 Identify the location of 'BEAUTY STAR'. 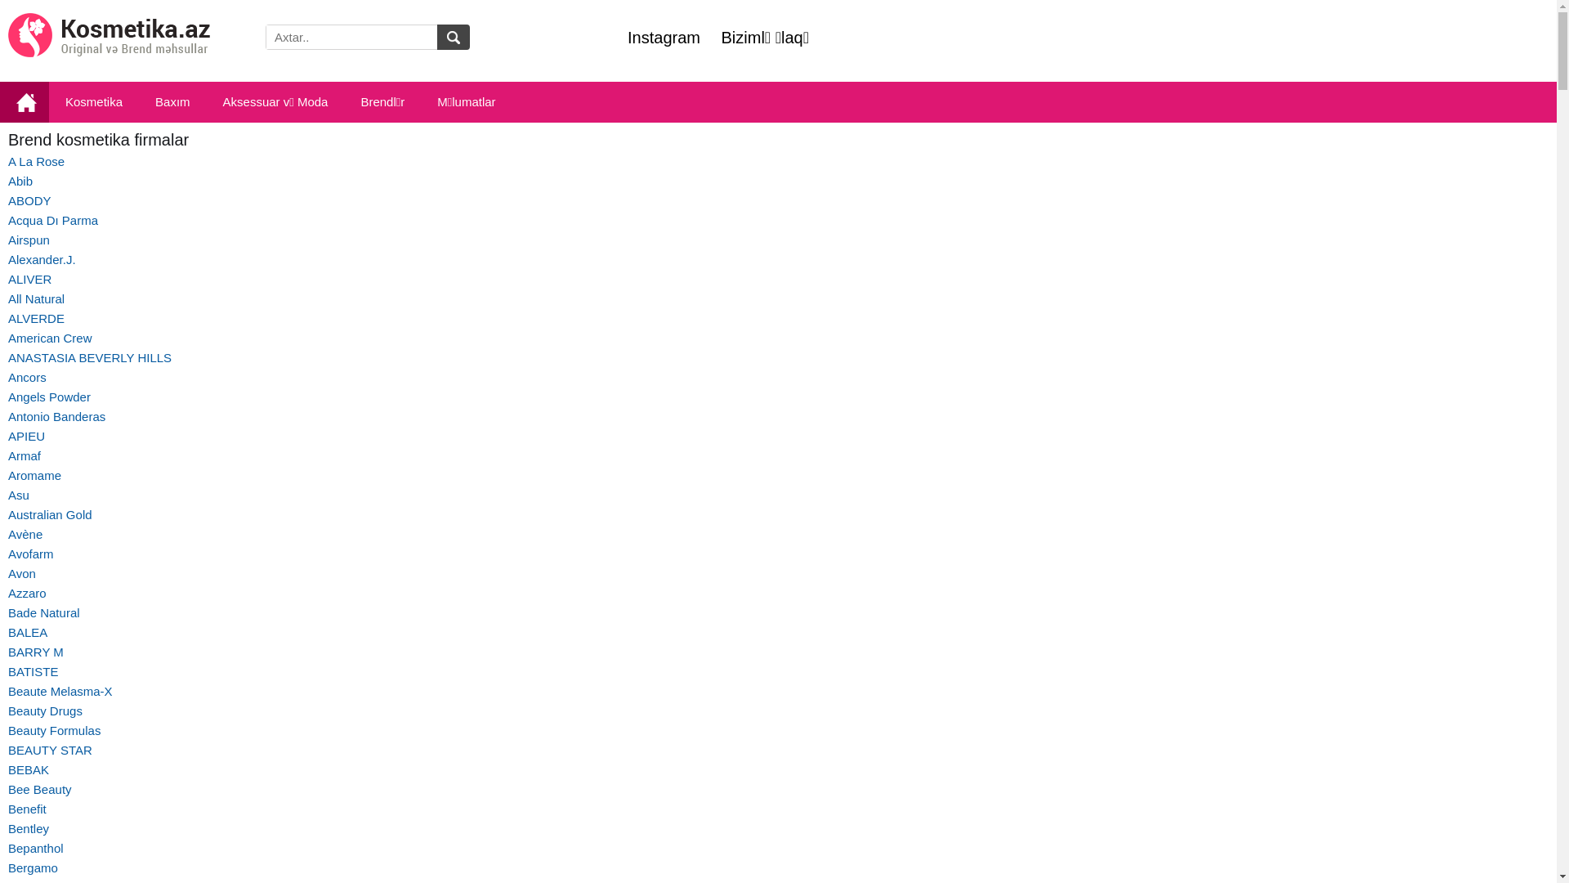
(50, 750).